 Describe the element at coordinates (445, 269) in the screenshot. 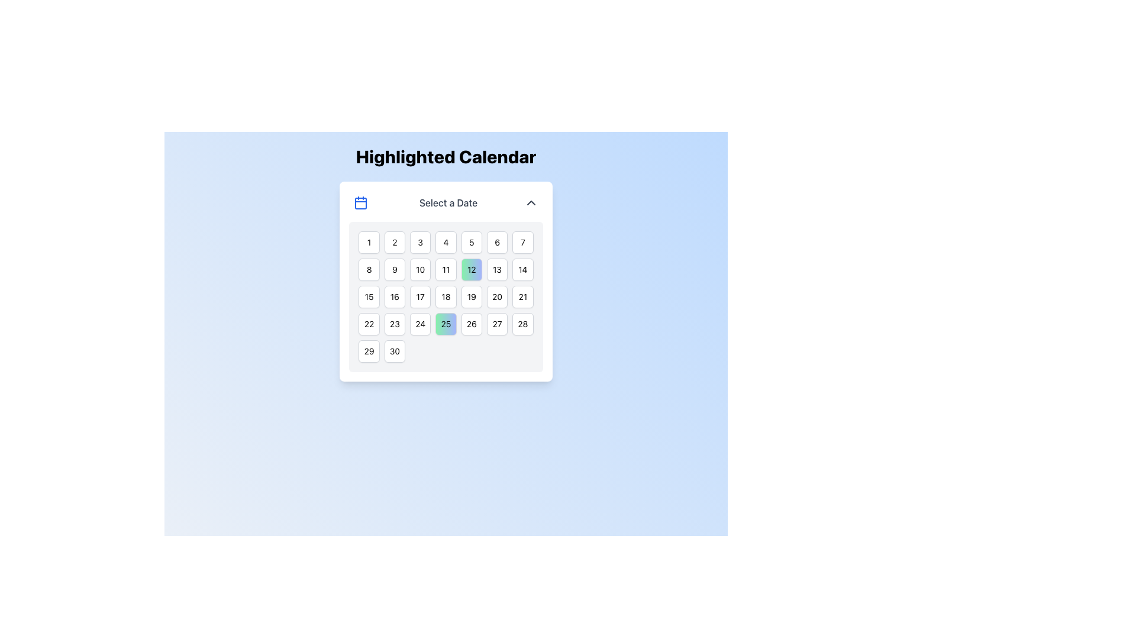

I see `the button labeled '11' in the calendar grid for keyboard navigation` at that location.